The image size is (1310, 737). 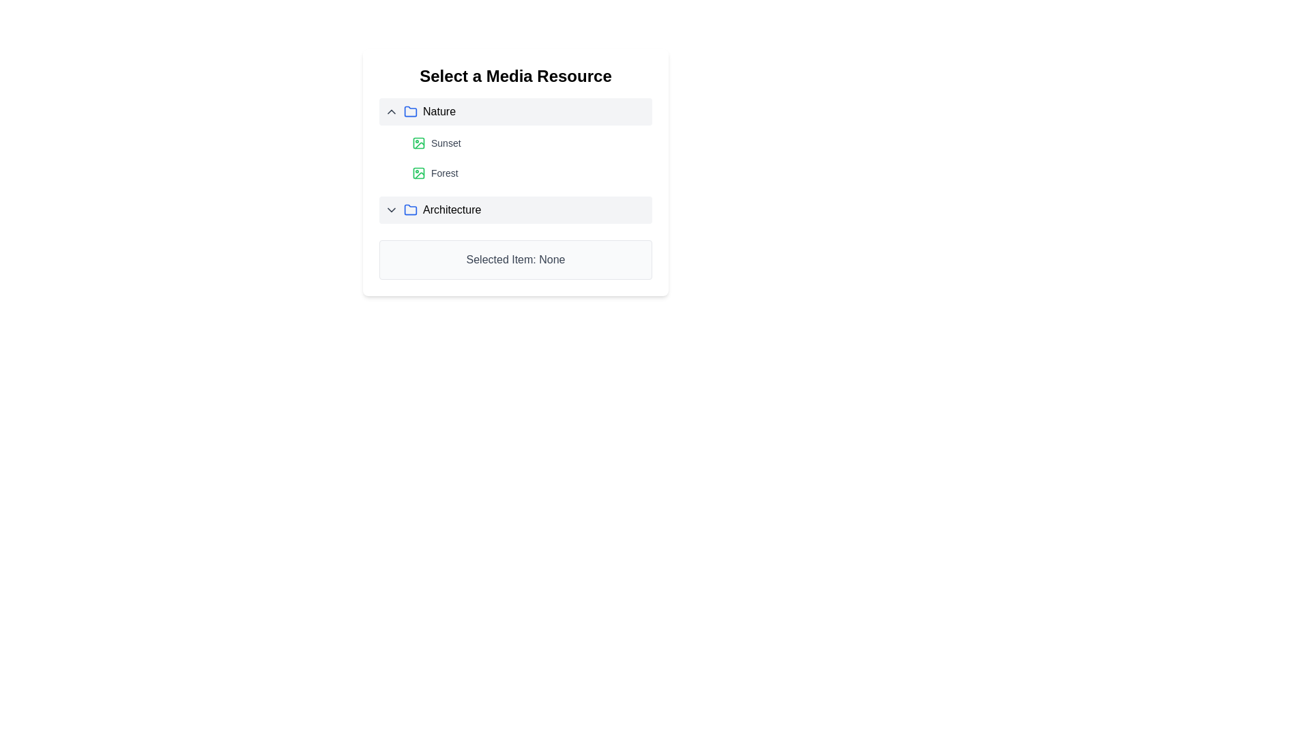 I want to click on the text label representing the first selectable folder in the media resource list, so click(x=439, y=111).